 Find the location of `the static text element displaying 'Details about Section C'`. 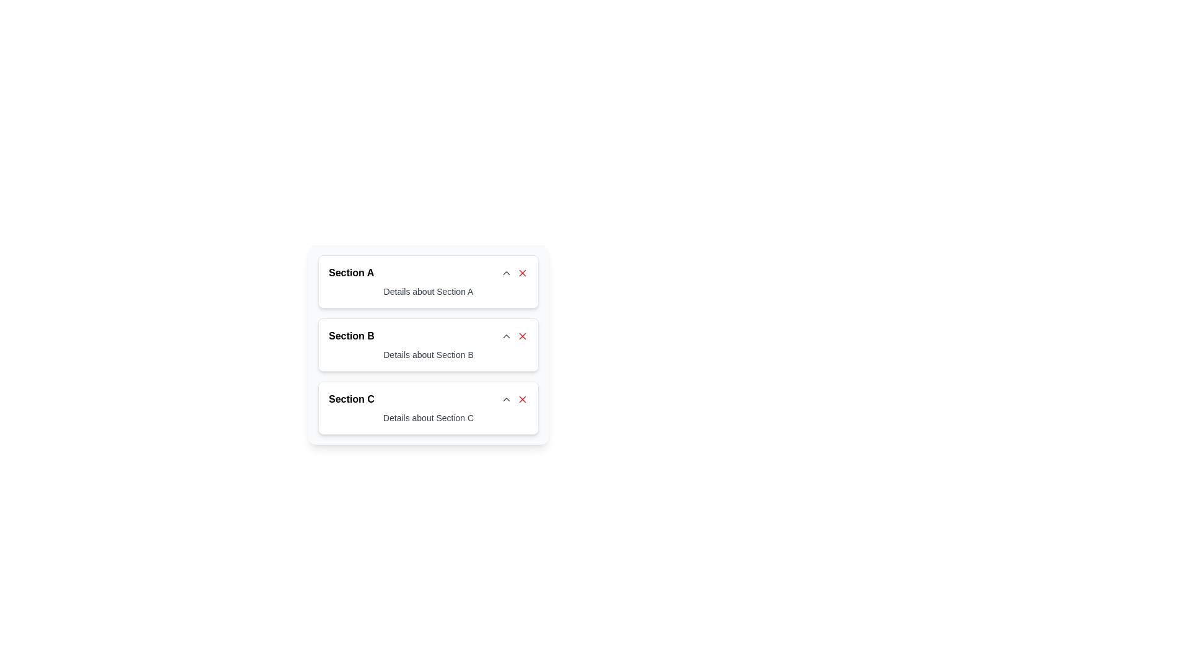

the static text element displaying 'Details about Section C' is located at coordinates (428, 418).